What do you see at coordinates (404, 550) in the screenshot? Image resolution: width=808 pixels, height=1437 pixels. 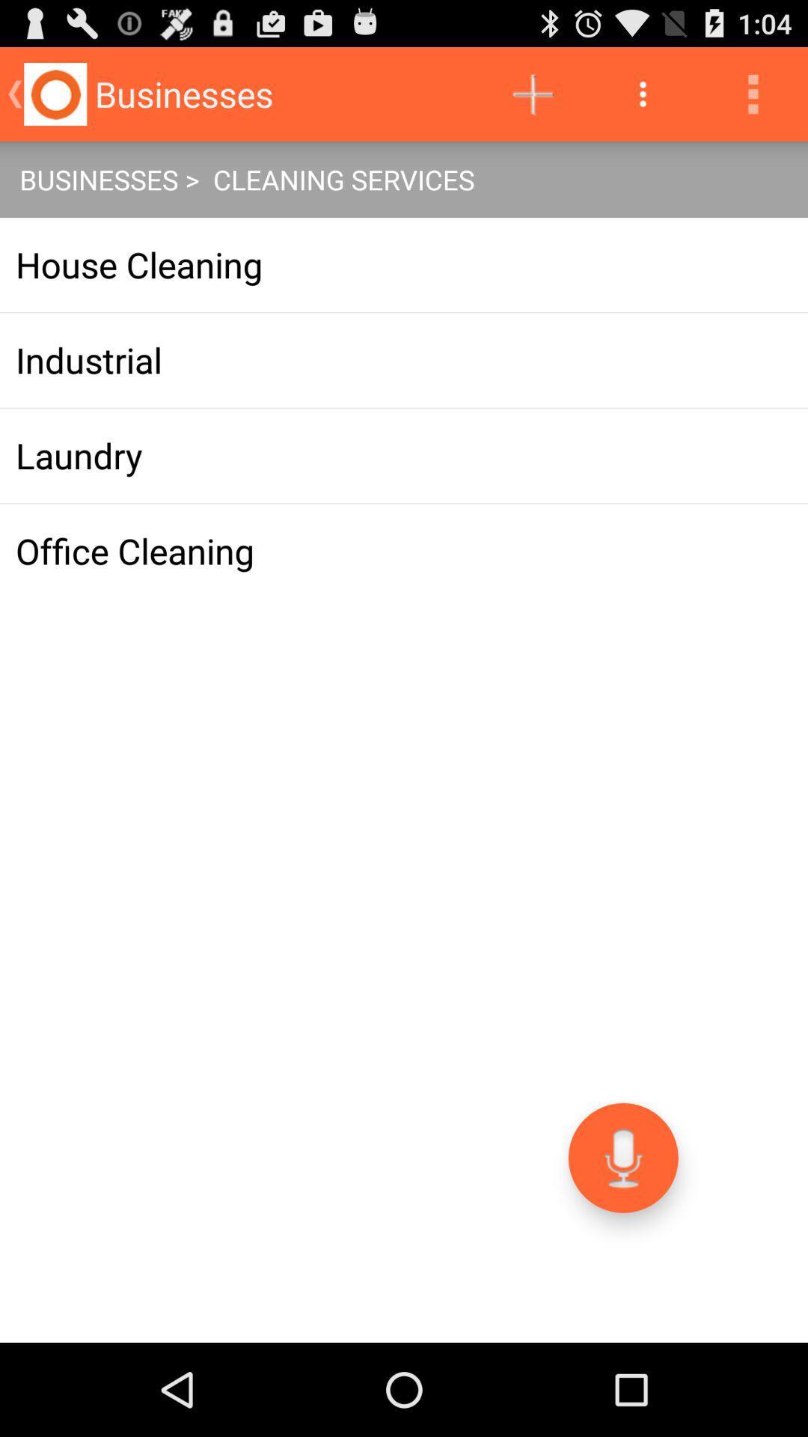 I see `app at the center` at bounding box center [404, 550].